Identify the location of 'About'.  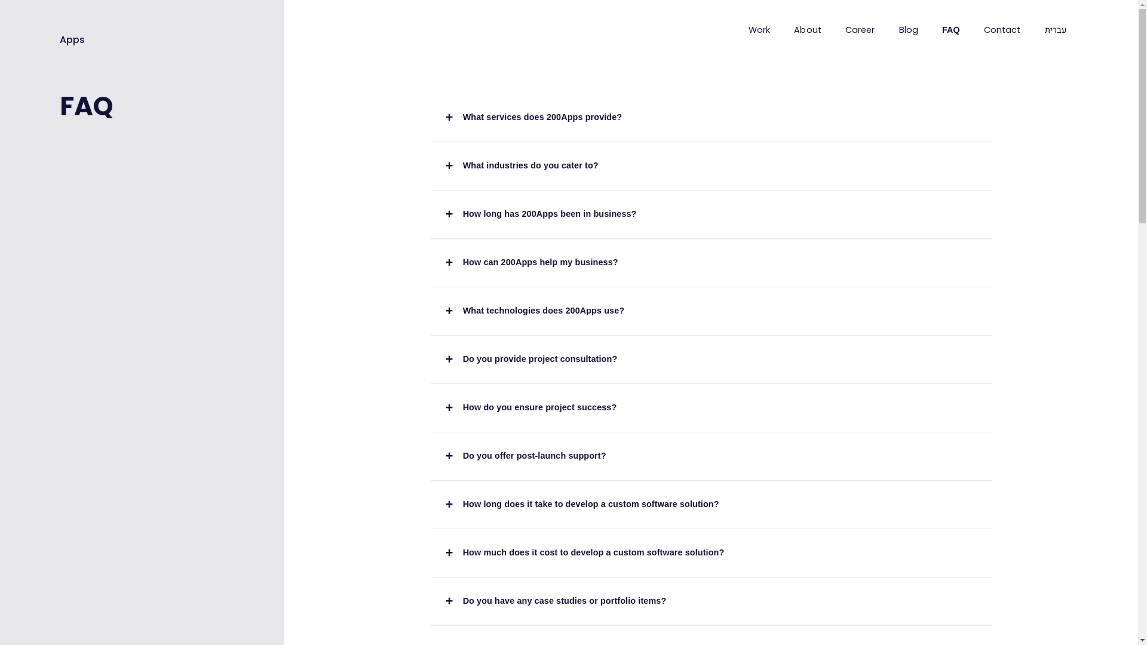
(808, 29).